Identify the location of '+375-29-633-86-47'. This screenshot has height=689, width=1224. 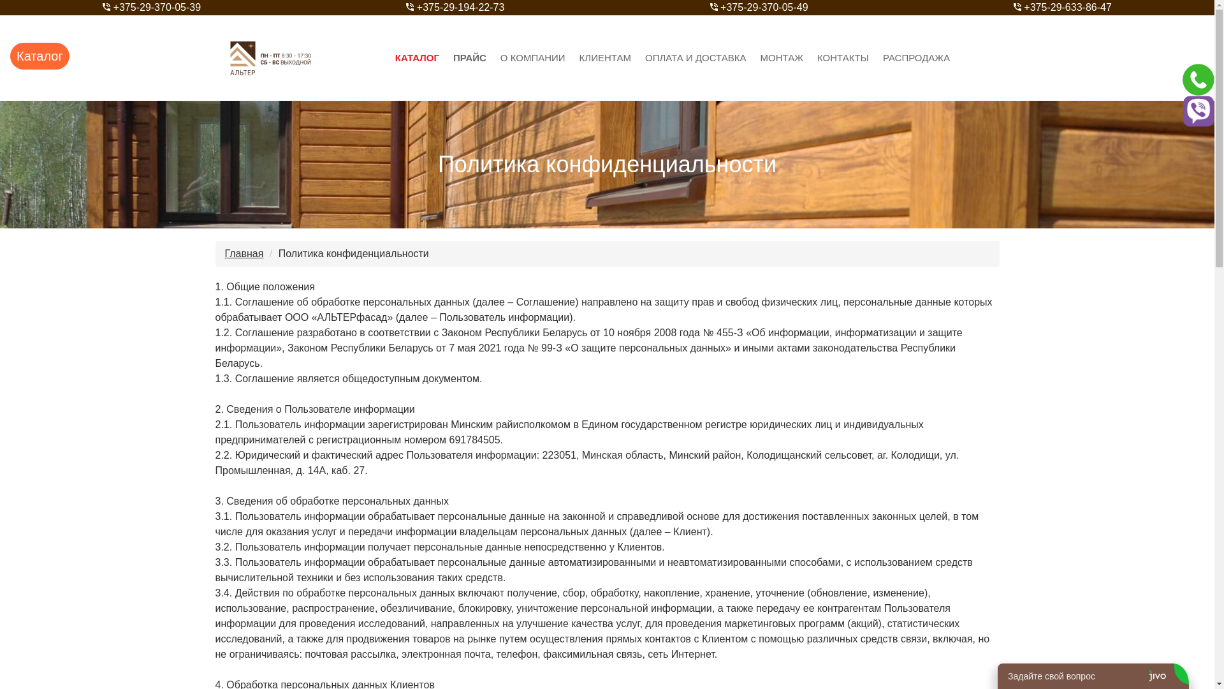
(1062, 7).